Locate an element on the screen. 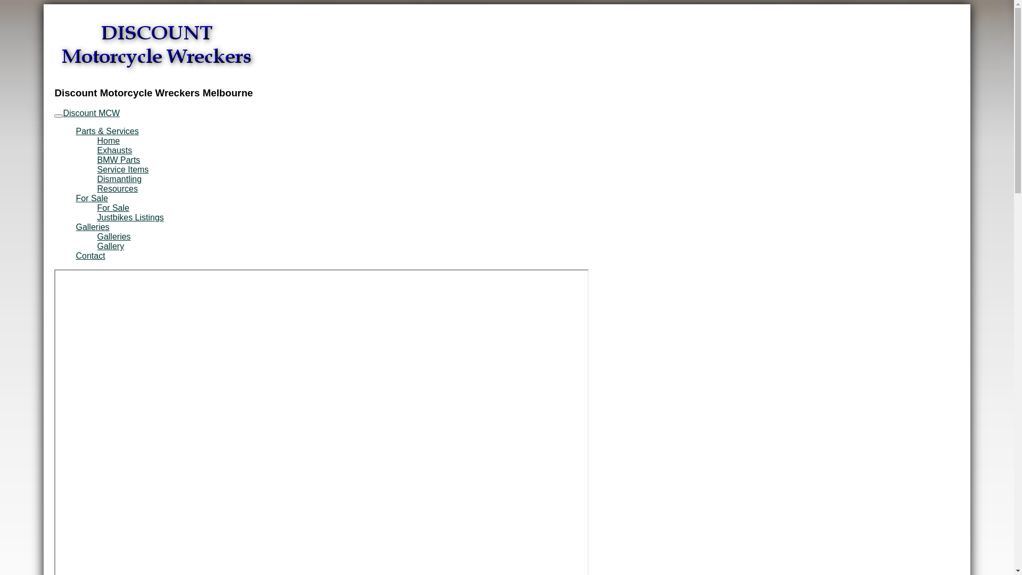  'Galleries' is located at coordinates (92, 226).